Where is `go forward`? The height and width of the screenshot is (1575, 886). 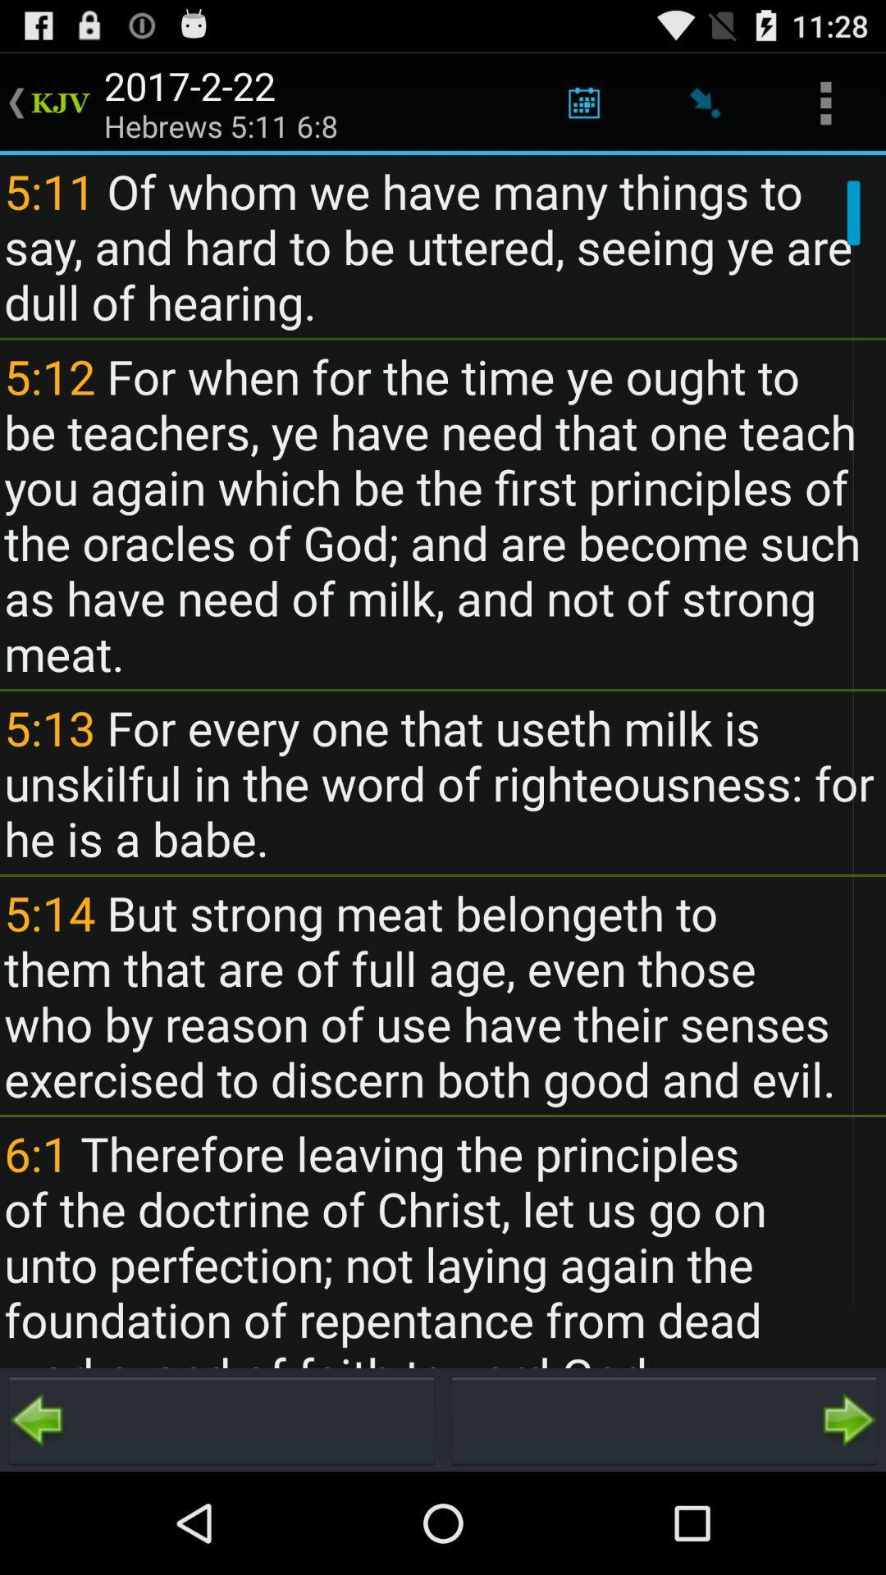 go forward is located at coordinates (664, 1419).